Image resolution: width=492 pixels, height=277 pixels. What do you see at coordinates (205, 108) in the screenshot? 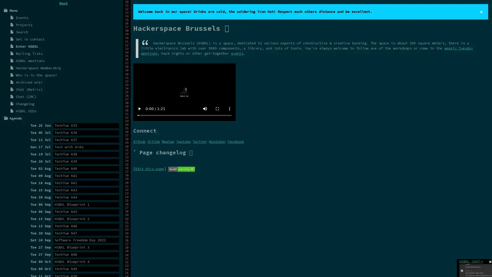
I see `mute` at bounding box center [205, 108].